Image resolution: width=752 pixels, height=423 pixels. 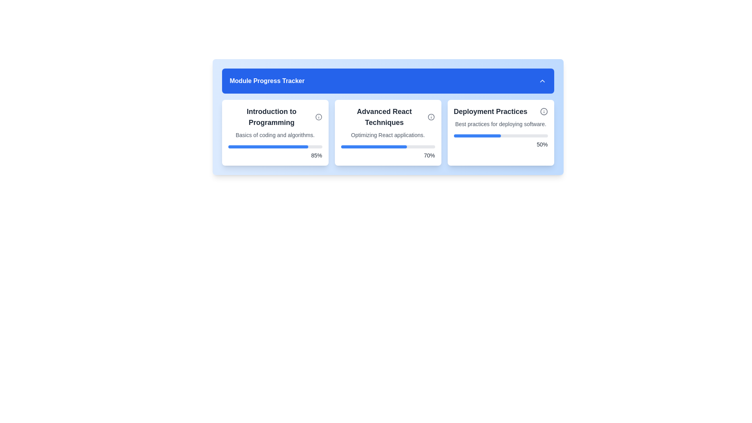 What do you see at coordinates (500, 136) in the screenshot?
I see `the progress bar located below the text 'Best practices for deploying software' within the 'Deployment Practices' card, which is visually represented as a thin horizontal bar with a gray background and a blue filled segment` at bounding box center [500, 136].